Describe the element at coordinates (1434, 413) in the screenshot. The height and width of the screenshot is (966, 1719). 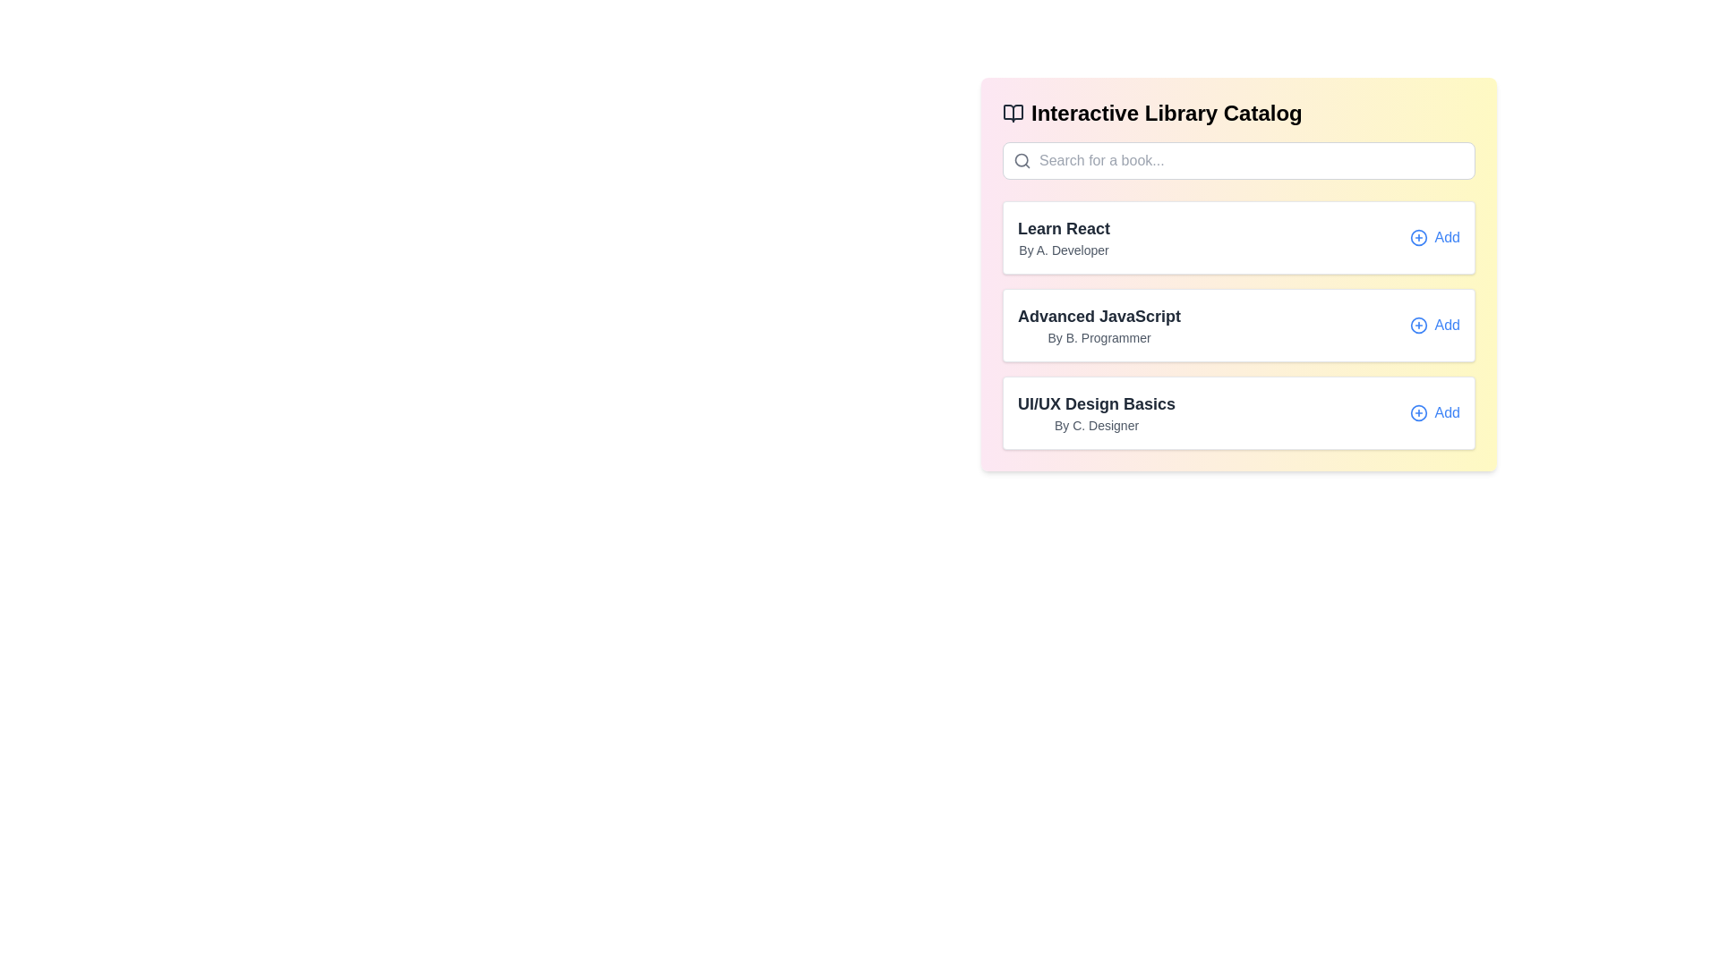
I see `the button with an icon and text located at the far-right of the last item in the 'UI/UX Design Basics' list by 'C. Designer'` at that location.